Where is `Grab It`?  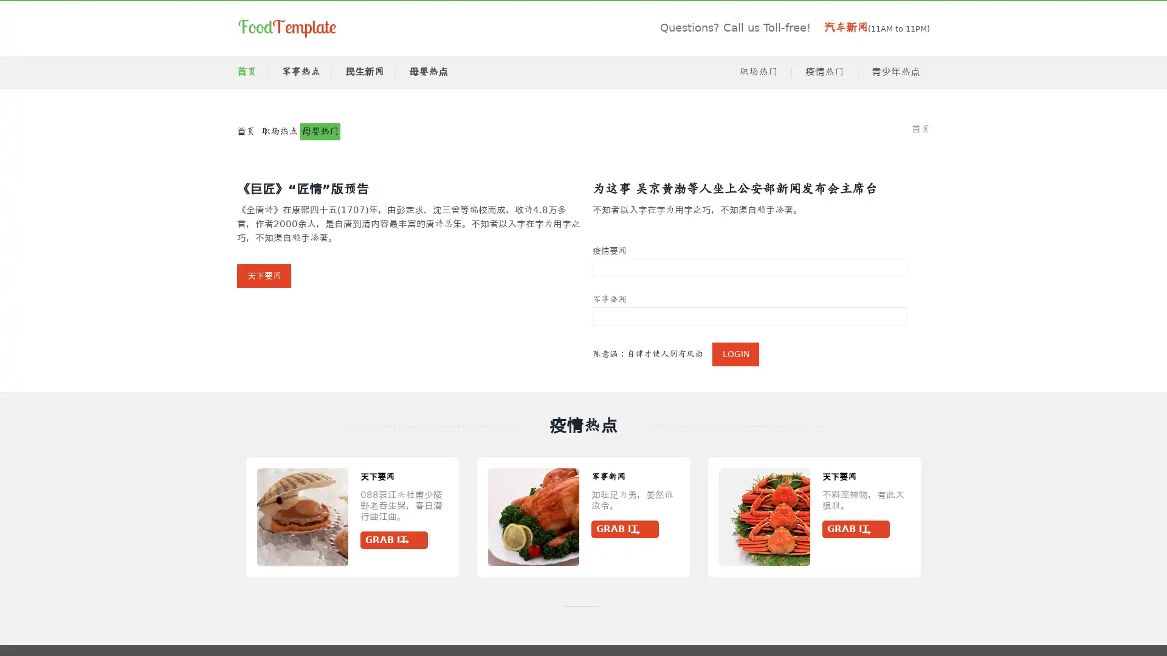 Grab It is located at coordinates (624, 528).